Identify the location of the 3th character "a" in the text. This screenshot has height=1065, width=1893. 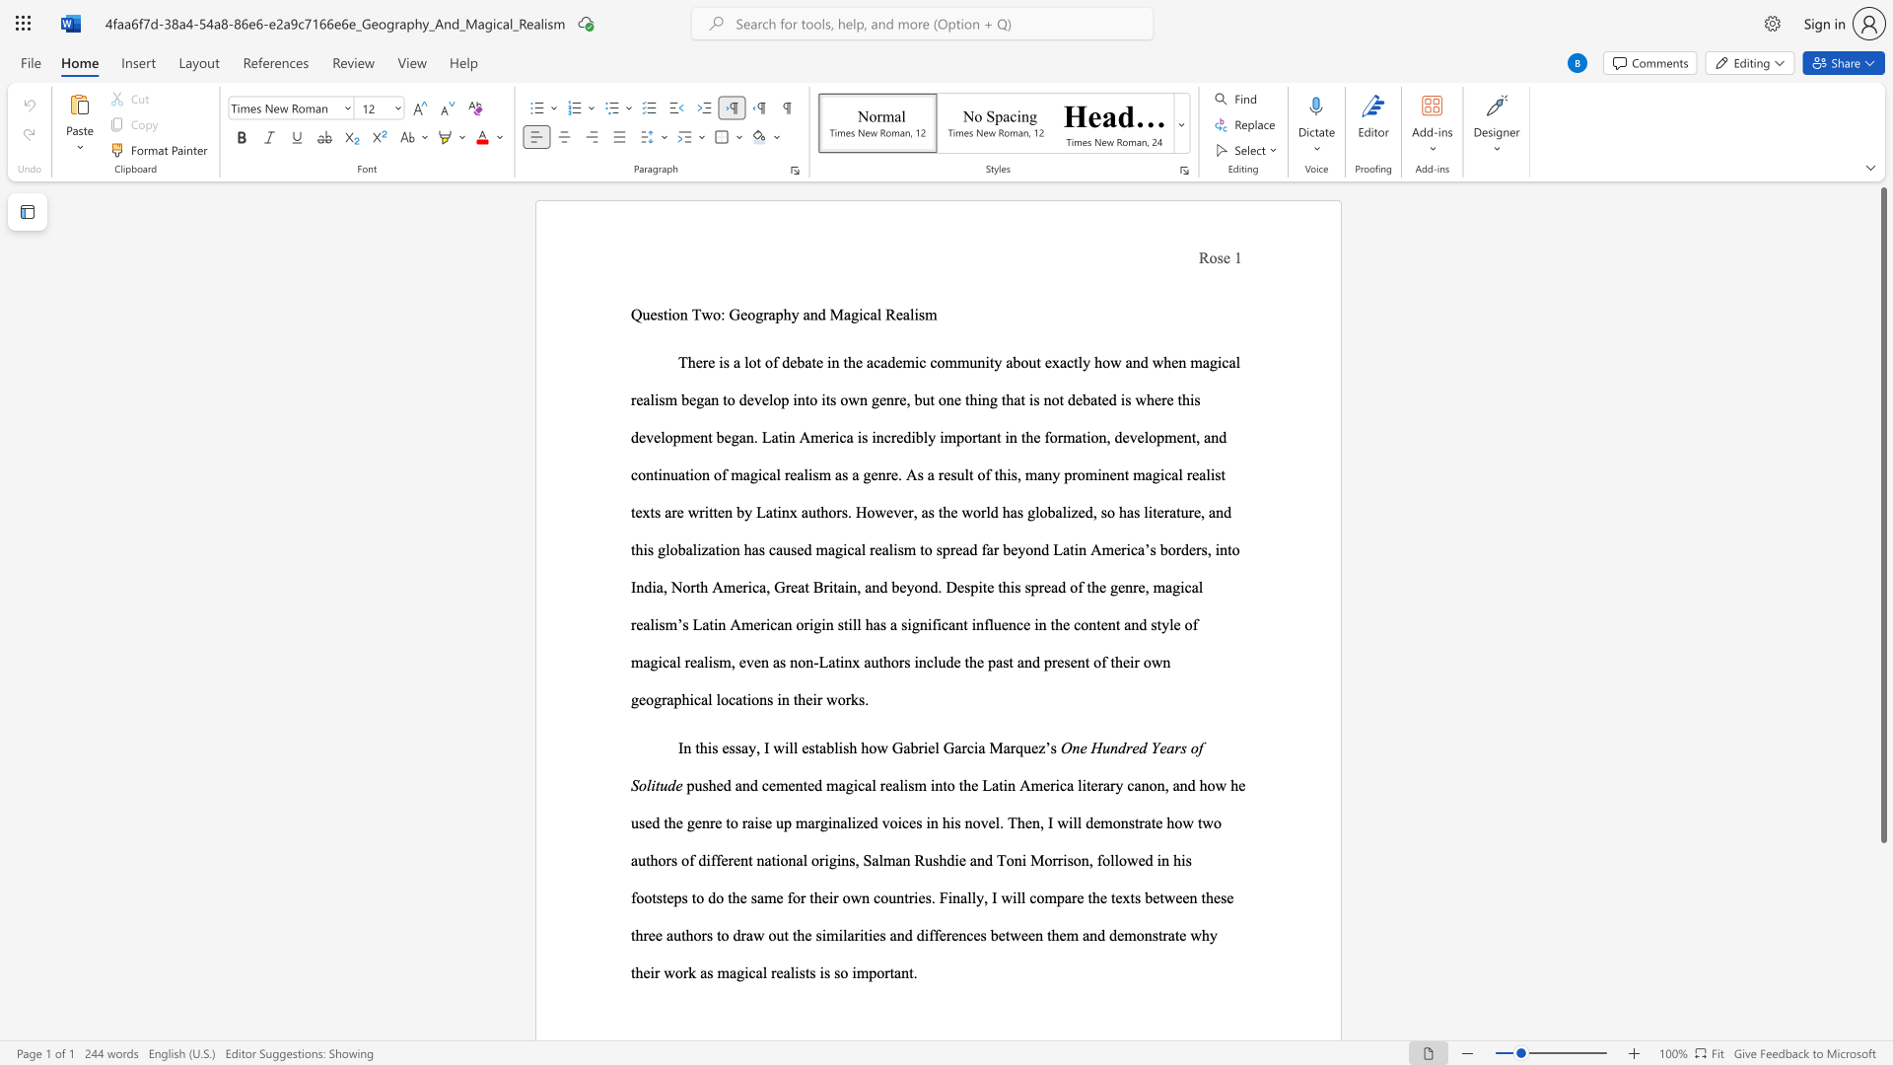
(981, 747).